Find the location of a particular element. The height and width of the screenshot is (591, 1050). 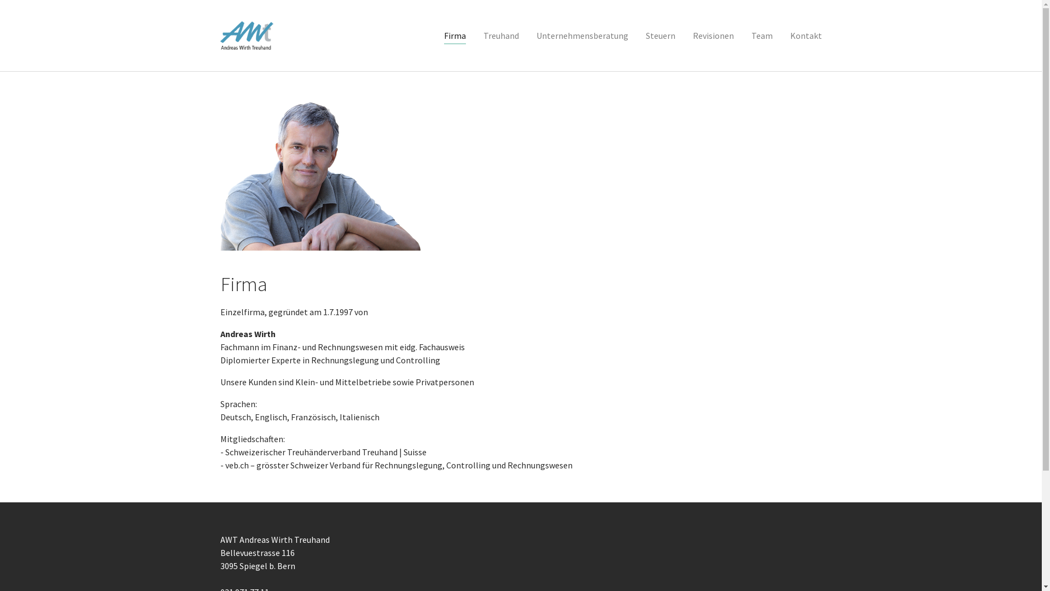

'Steuern' is located at coordinates (636, 35).